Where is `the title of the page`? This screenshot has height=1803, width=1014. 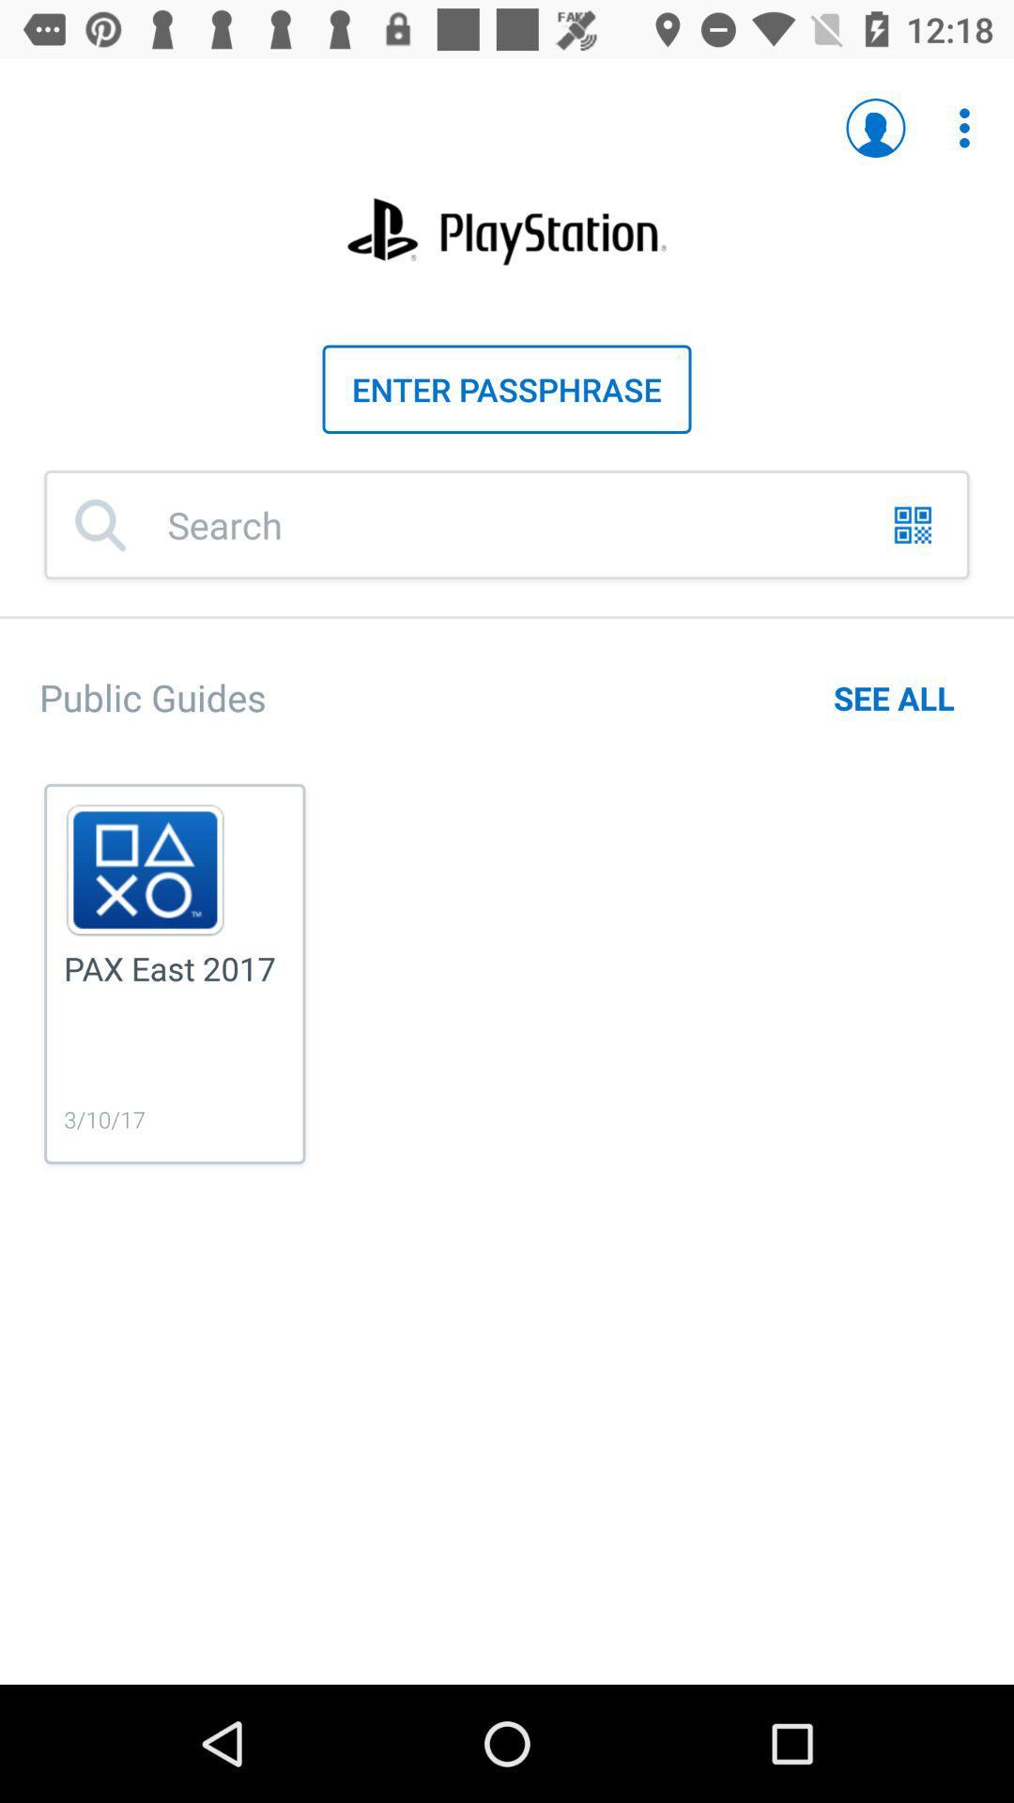
the title of the page is located at coordinates (507, 230).